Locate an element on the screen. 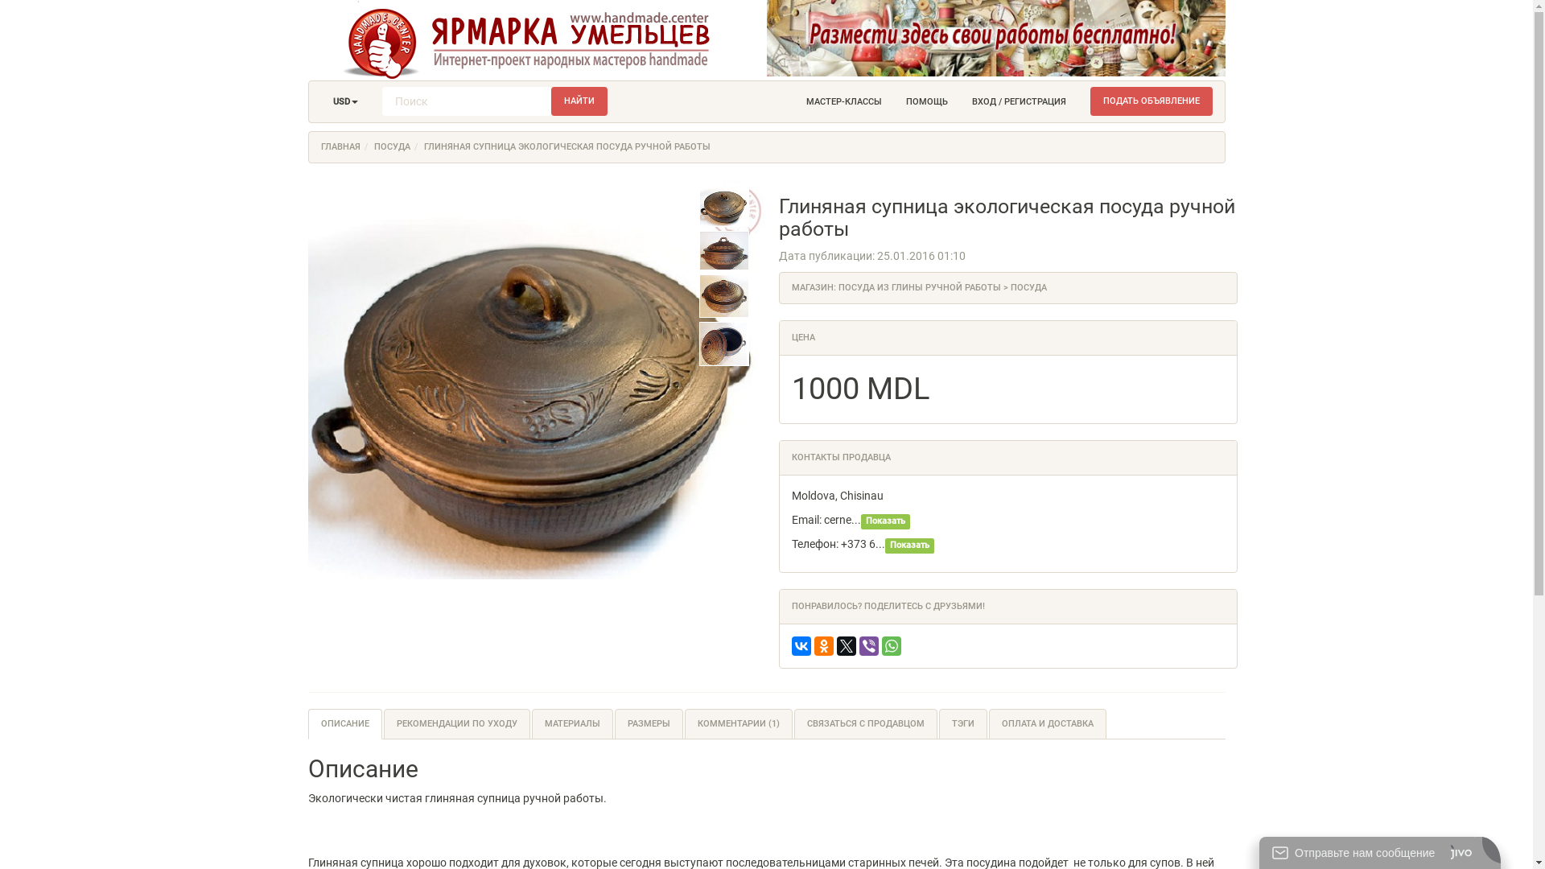 This screenshot has width=1545, height=869. 'USD' is located at coordinates (320, 102).